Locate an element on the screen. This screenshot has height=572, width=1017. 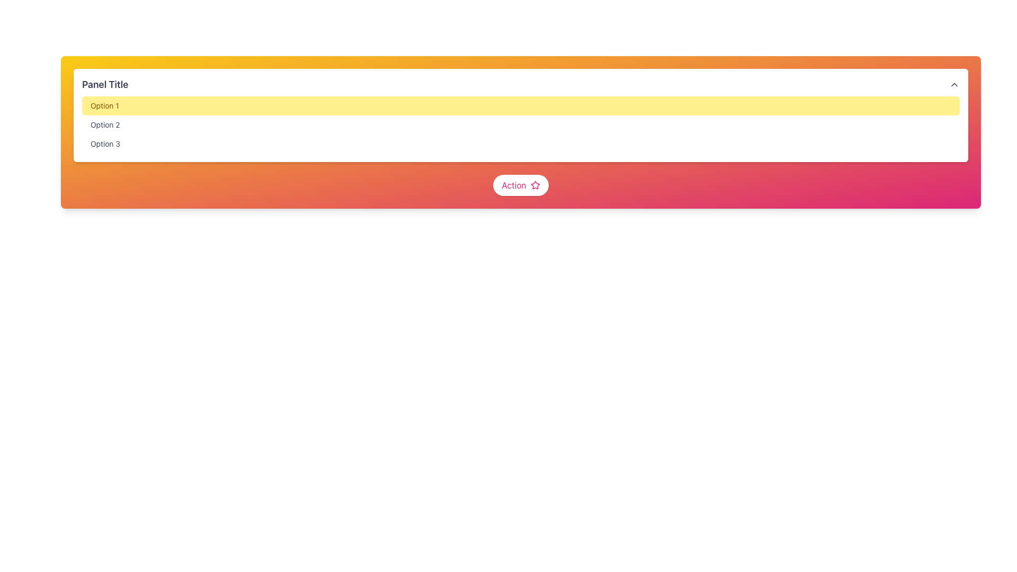
the Text Element that serves as the title of the collapsible panel, positioned at the top-left adjacent is located at coordinates (105, 84).